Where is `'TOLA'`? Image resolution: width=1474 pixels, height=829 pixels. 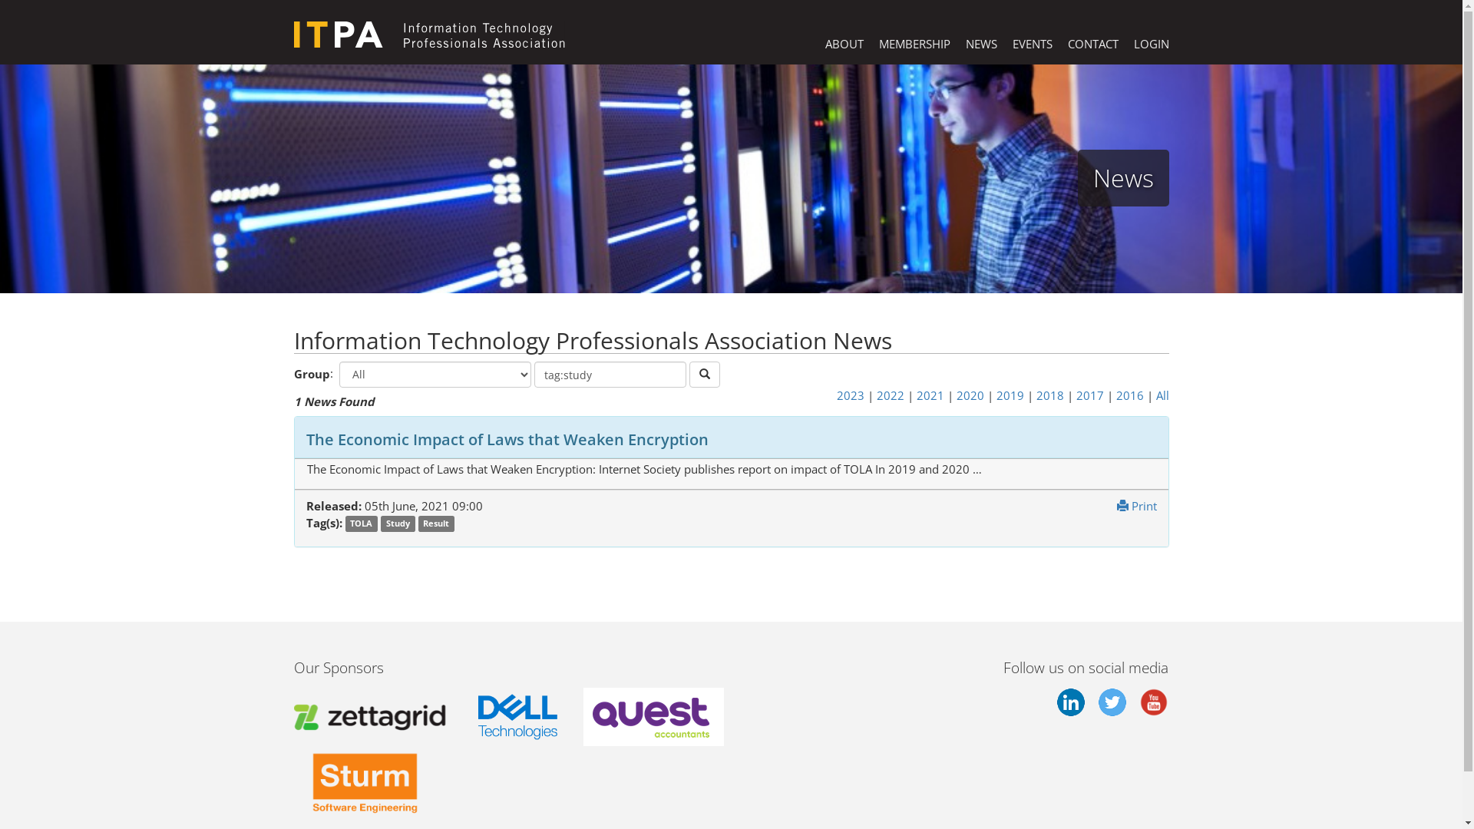 'TOLA' is located at coordinates (345, 523).